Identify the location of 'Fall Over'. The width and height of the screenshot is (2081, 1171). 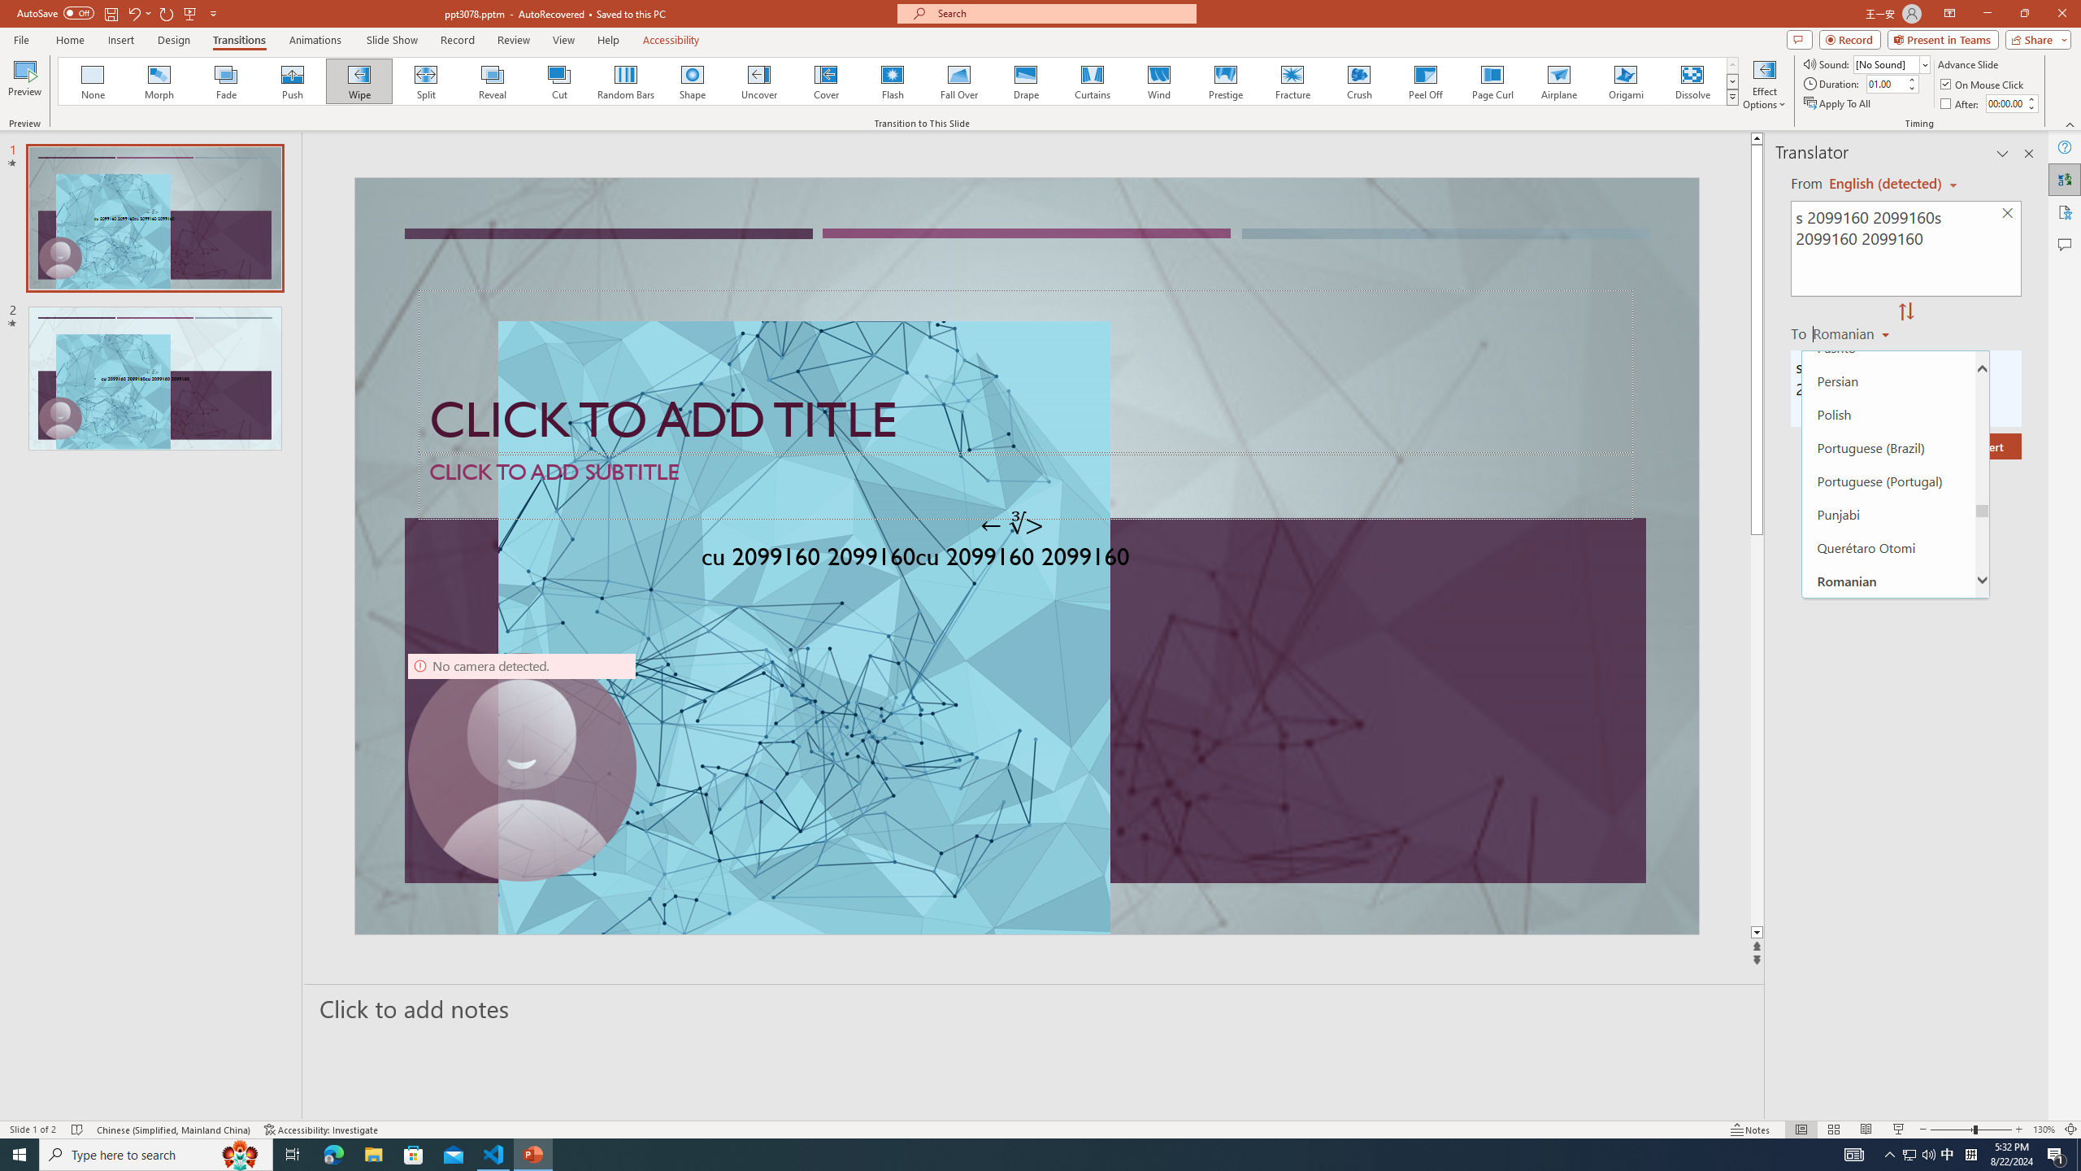
(958, 81).